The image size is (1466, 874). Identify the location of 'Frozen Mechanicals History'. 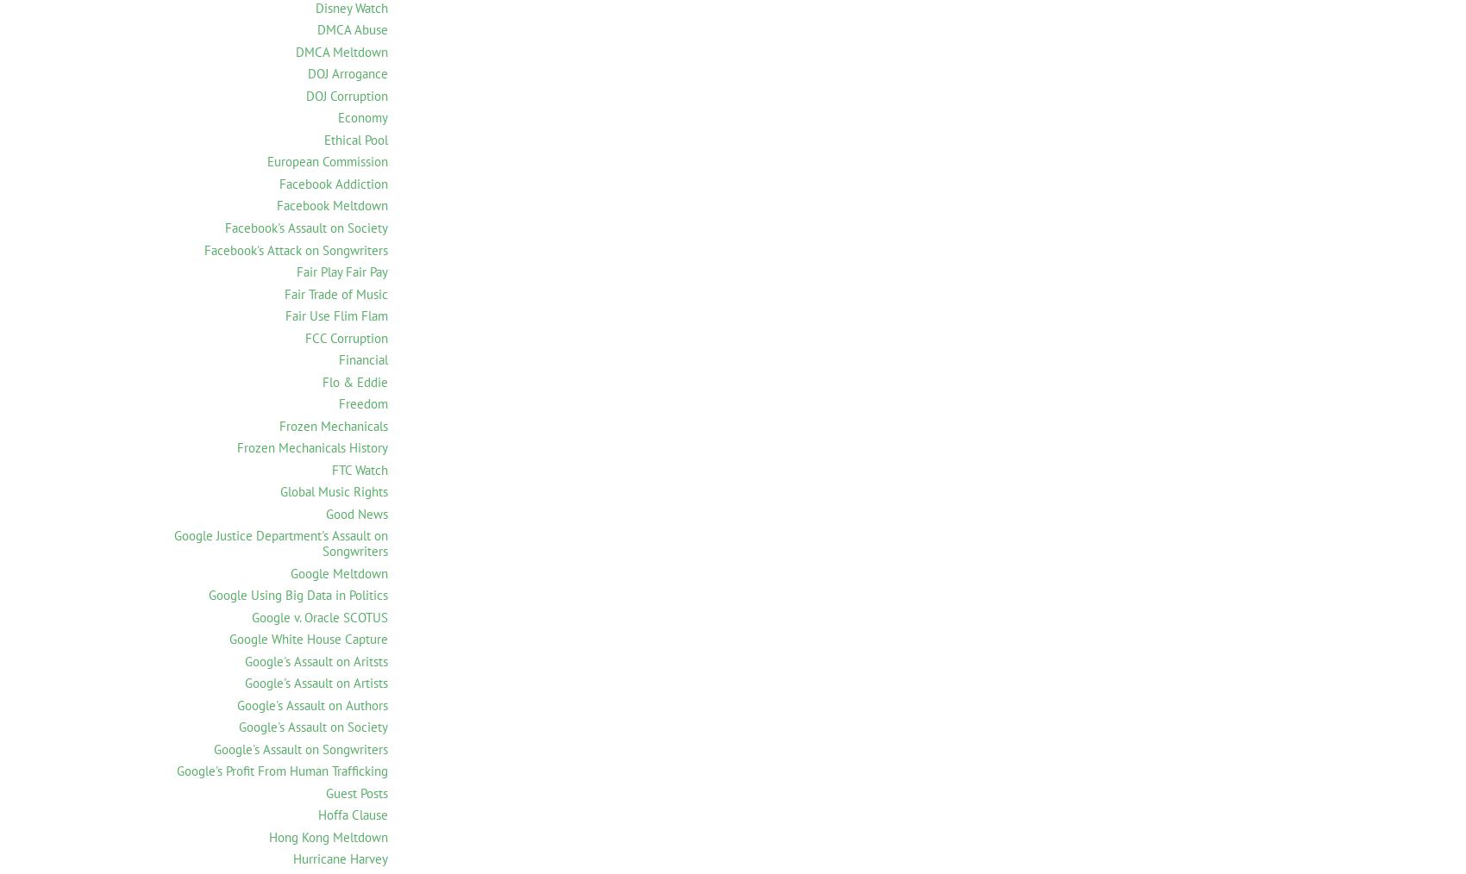
(311, 446).